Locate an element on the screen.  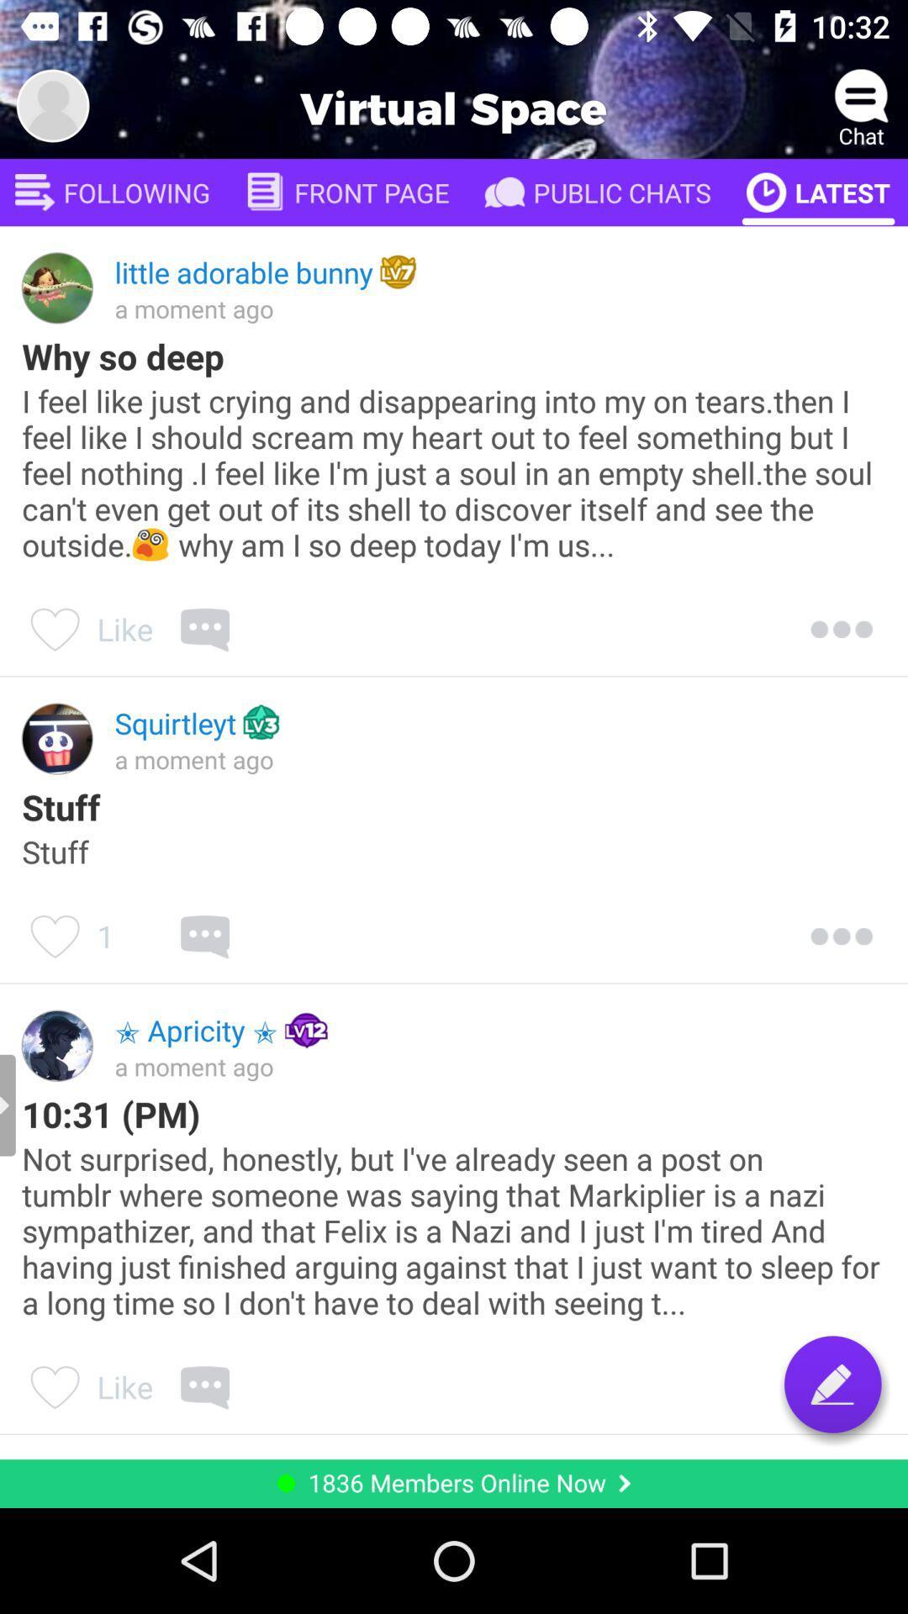
status is located at coordinates (832, 1384).